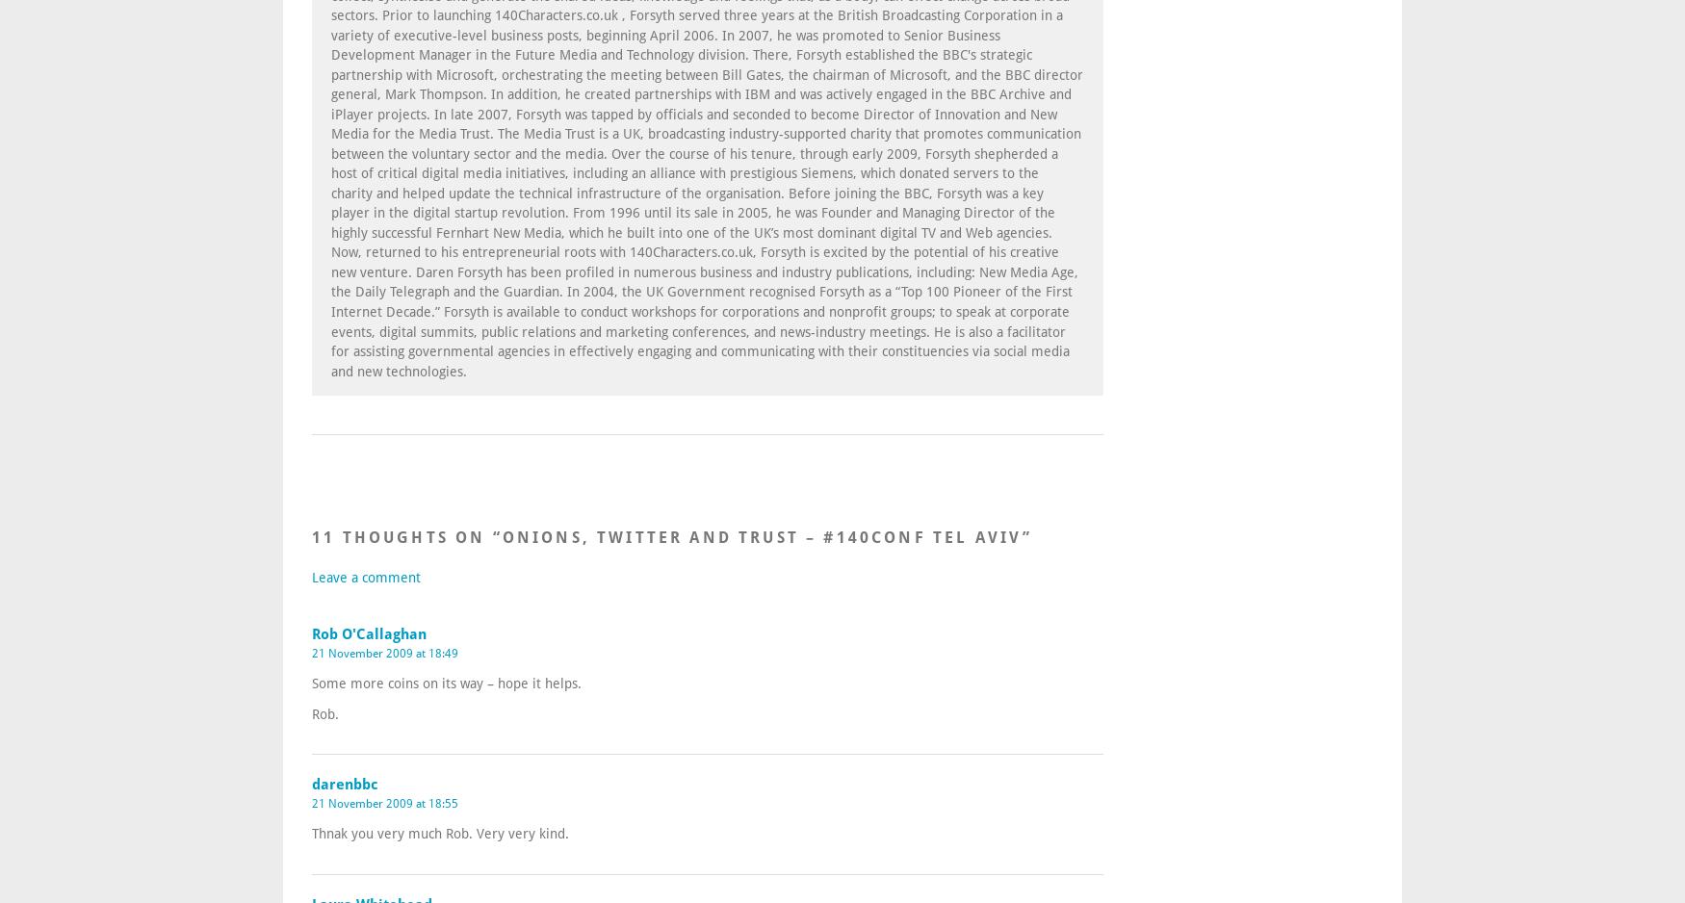 This screenshot has height=903, width=1685. What do you see at coordinates (311, 682) in the screenshot?
I see `'Some more coins on its way – hope it helps.'` at bounding box center [311, 682].